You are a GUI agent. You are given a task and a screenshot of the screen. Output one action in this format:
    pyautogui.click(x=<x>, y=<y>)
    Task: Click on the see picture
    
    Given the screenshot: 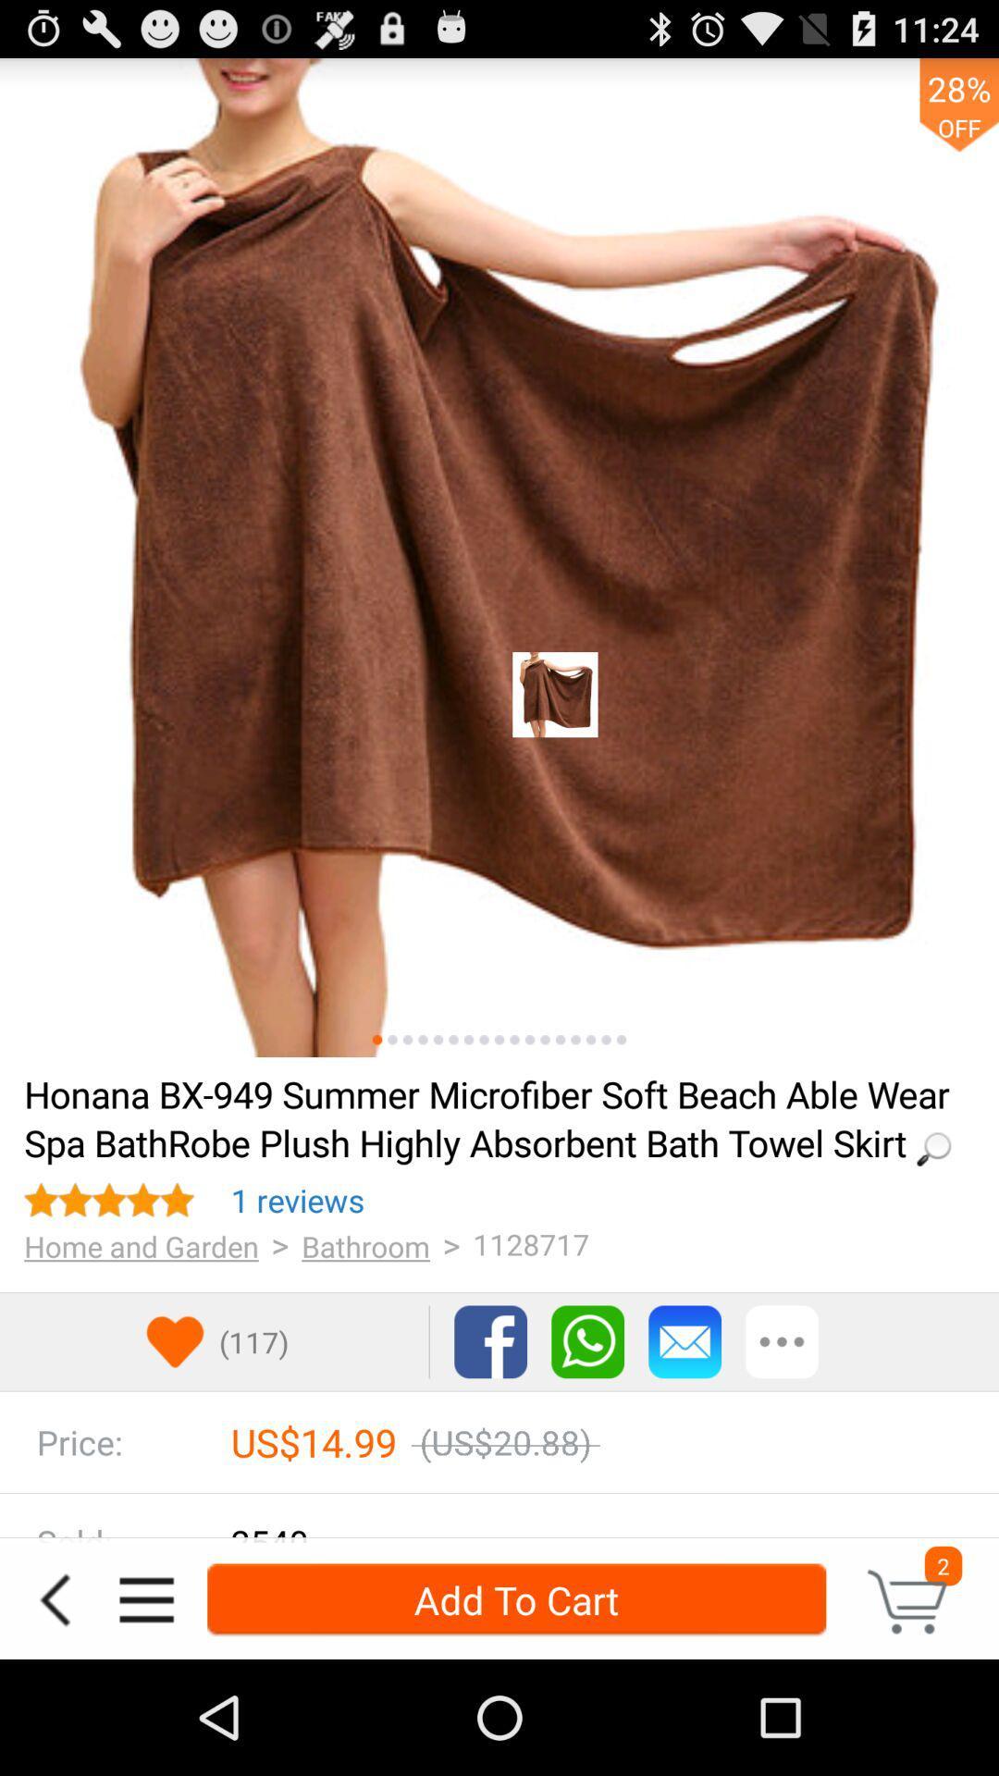 What is the action you would take?
    pyautogui.click(x=574, y=1040)
    